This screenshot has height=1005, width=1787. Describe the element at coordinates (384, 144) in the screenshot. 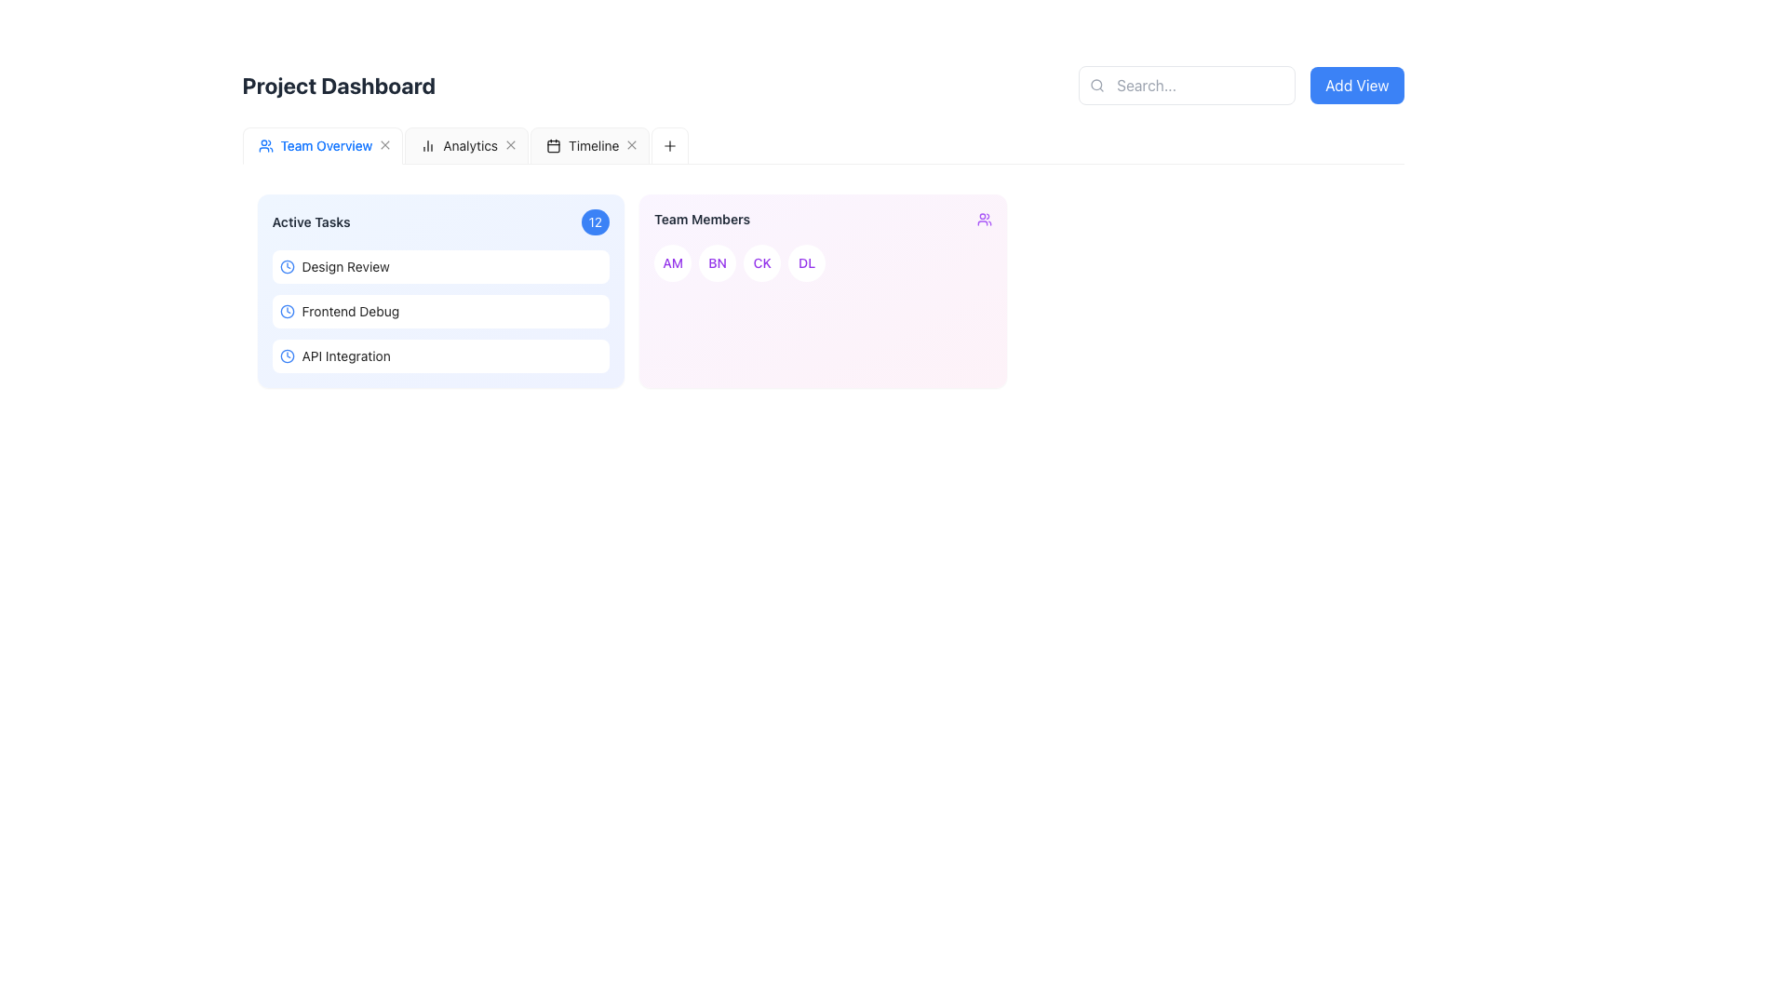

I see `the close button icon located in the 'Team Overview' tab of the navigation bar` at that location.